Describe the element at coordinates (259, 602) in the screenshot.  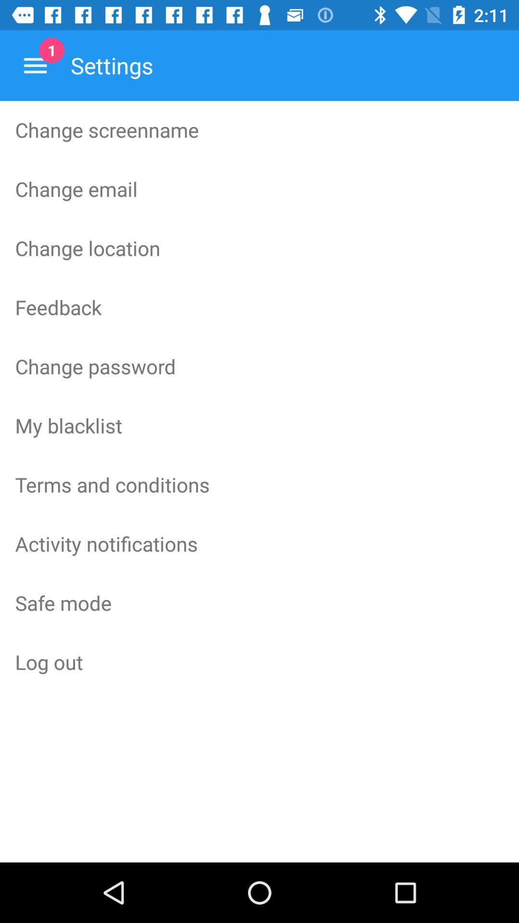
I see `safe mode item` at that location.